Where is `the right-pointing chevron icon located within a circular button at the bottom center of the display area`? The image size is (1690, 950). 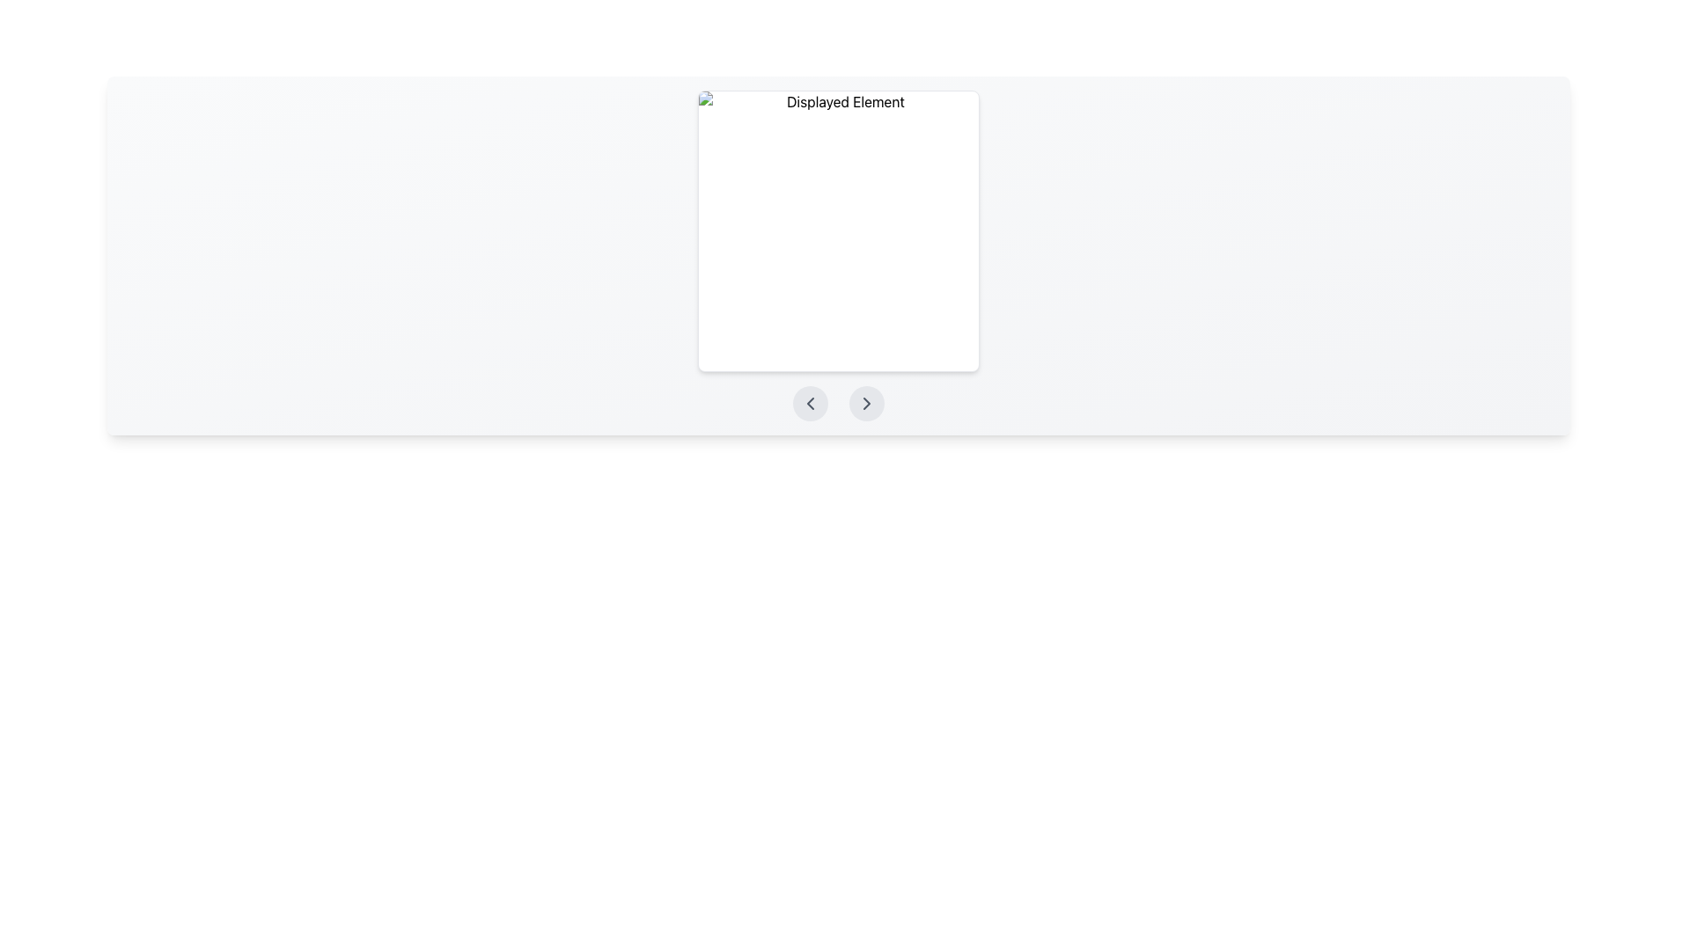 the right-pointing chevron icon located within a circular button at the bottom center of the display area is located at coordinates (866, 404).